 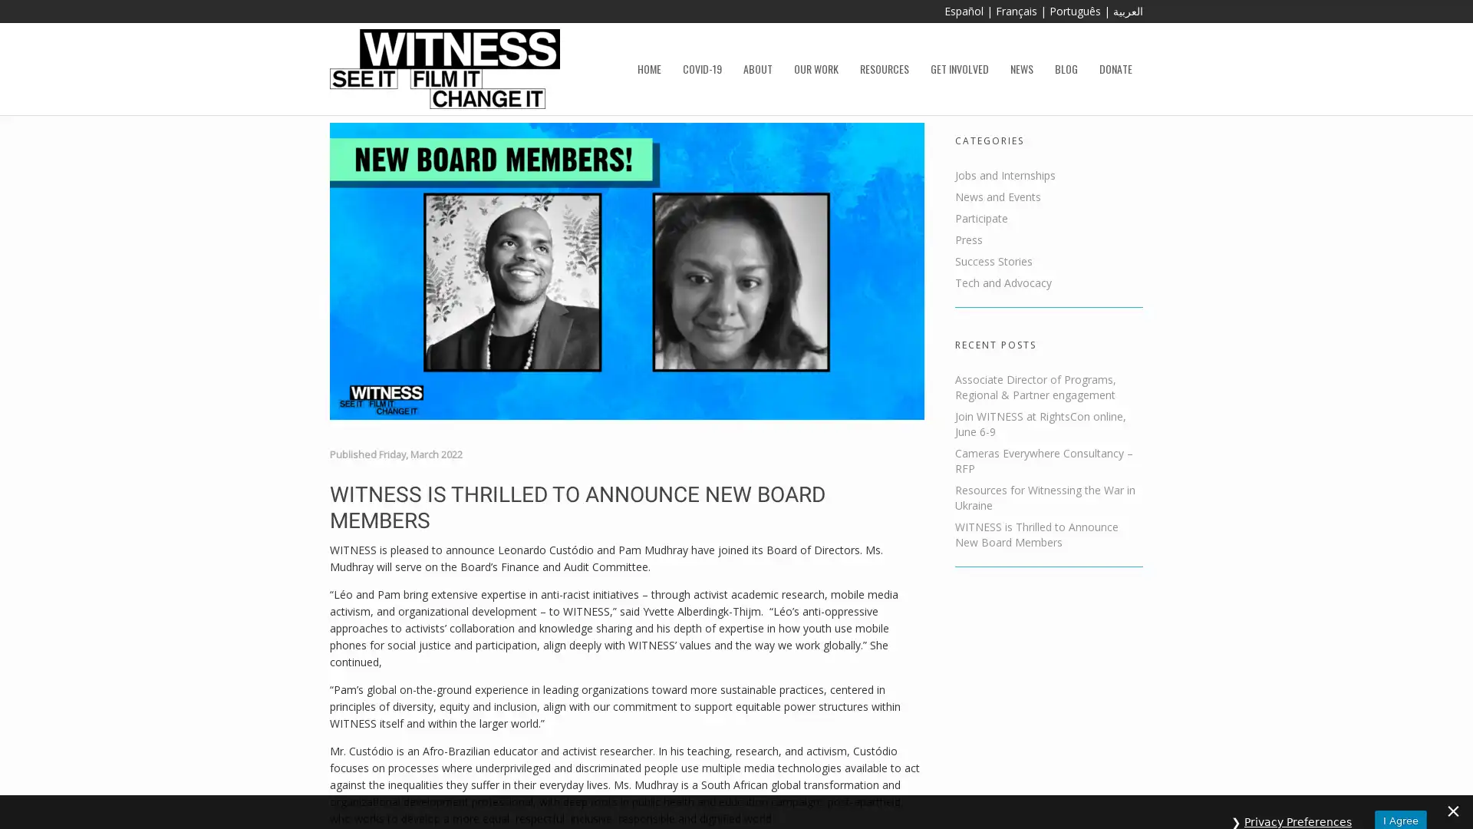 I want to click on I Agree, so click(x=1400, y=800).